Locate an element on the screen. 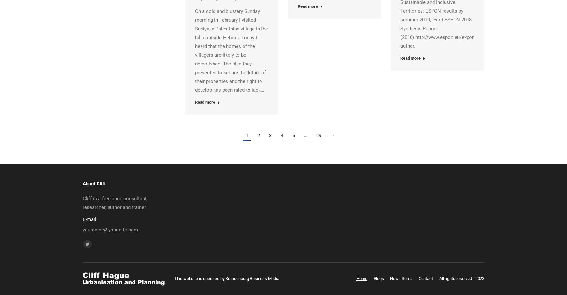 This screenshot has height=295, width=567. '3' is located at coordinates (270, 135).